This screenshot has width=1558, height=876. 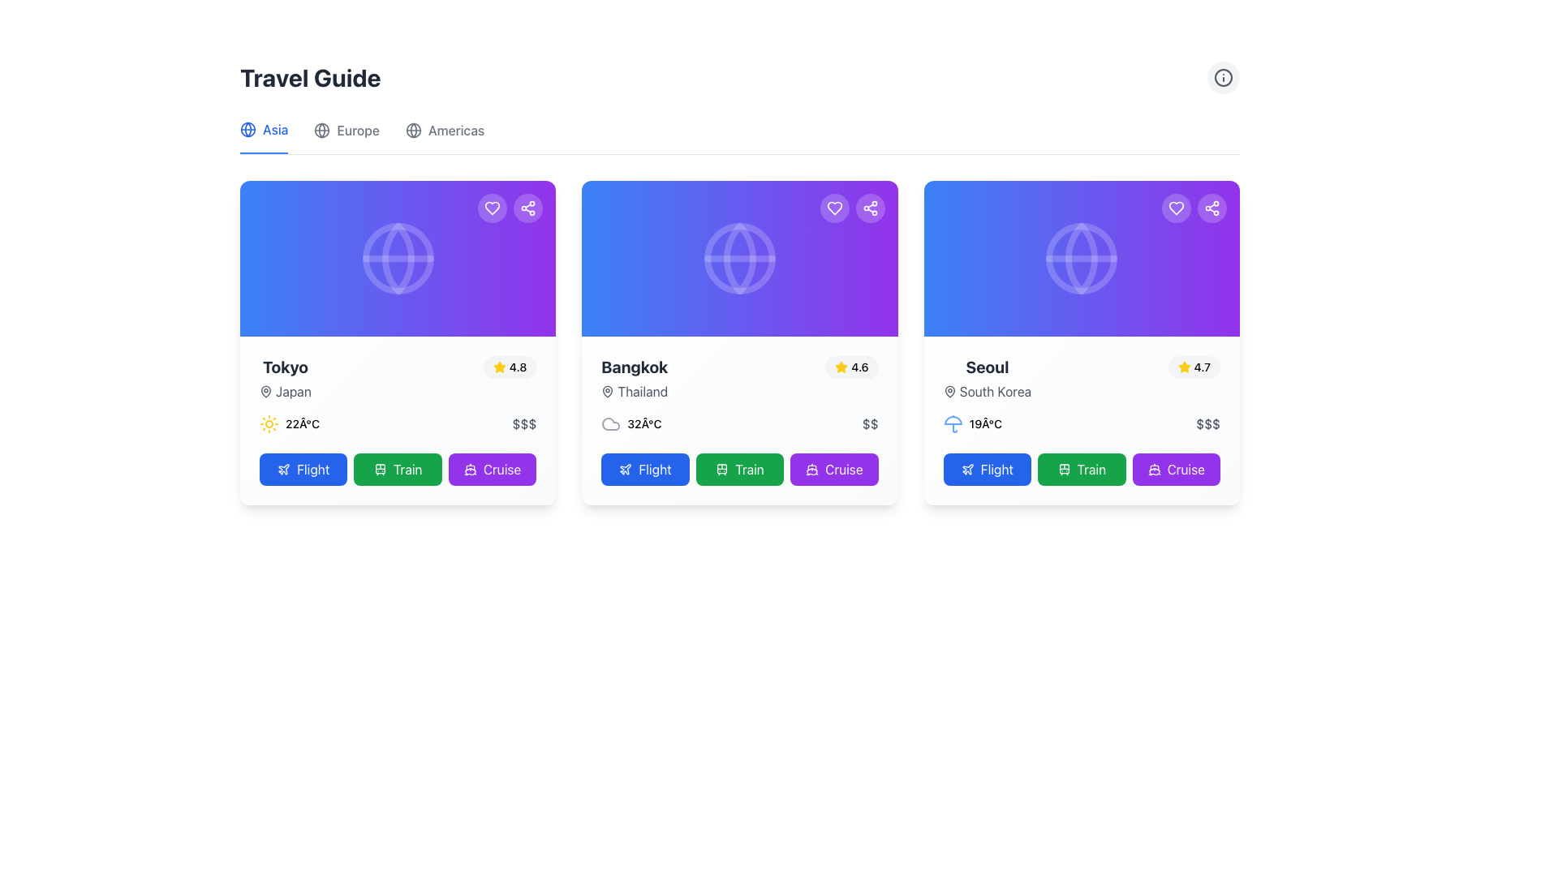 I want to click on the heart-shaped icon button located at the top-right corner of the 'Seoul' destination card, so click(x=1176, y=208).